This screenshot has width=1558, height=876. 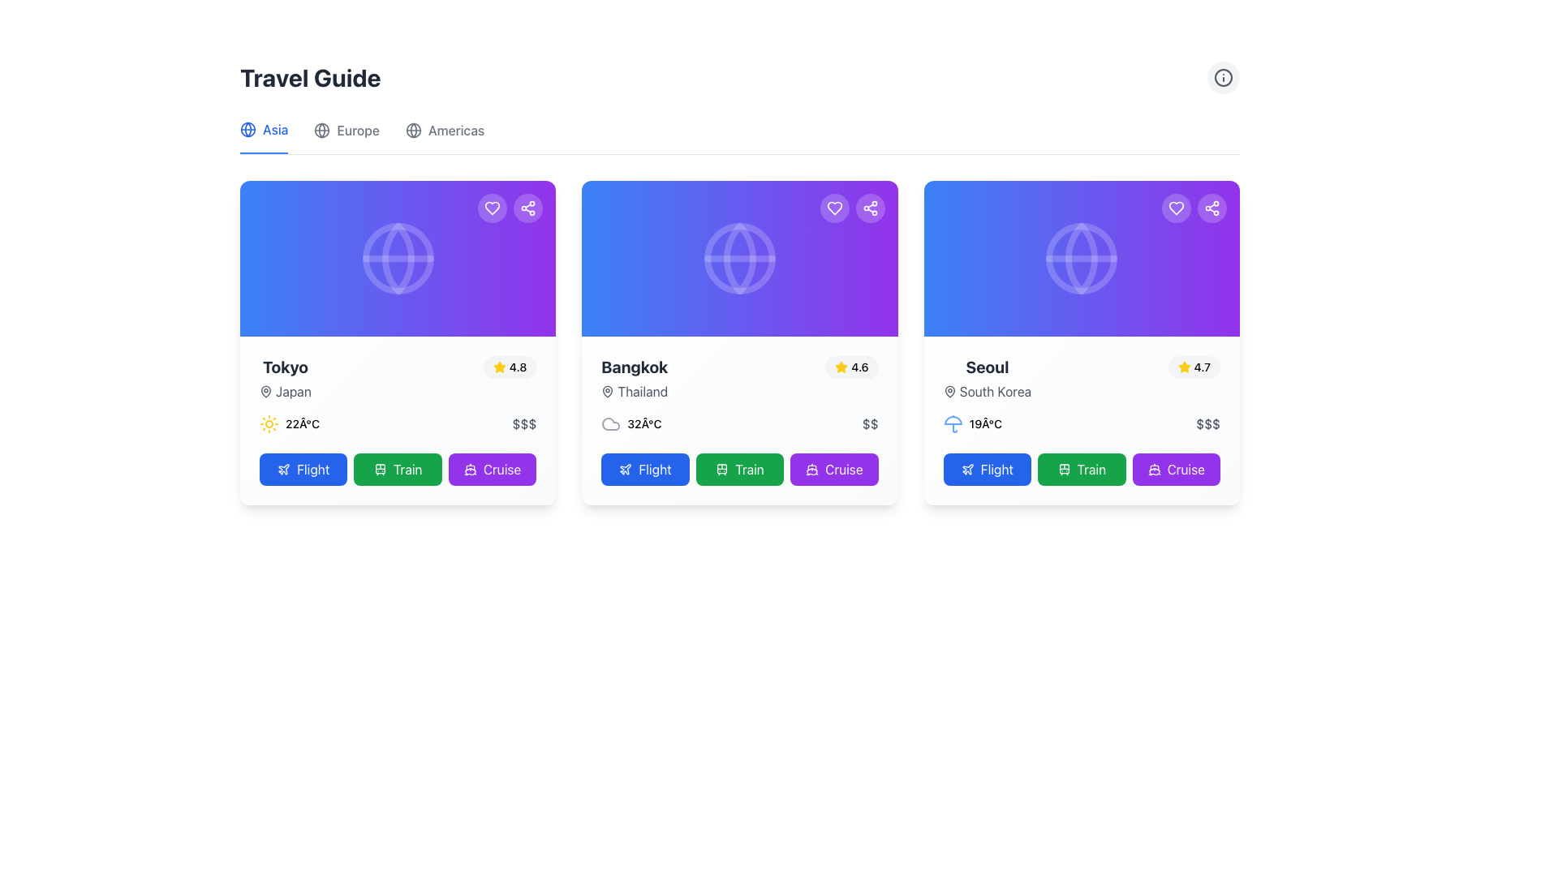 I want to click on the heart-shaped icon button located at the top-right corner of the 'Seoul' destination card, so click(x=1176, y=208).